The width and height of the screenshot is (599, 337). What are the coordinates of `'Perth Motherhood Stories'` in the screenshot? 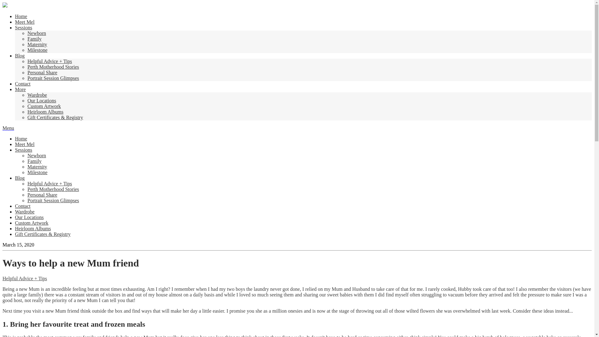 It's located at (53, 67).